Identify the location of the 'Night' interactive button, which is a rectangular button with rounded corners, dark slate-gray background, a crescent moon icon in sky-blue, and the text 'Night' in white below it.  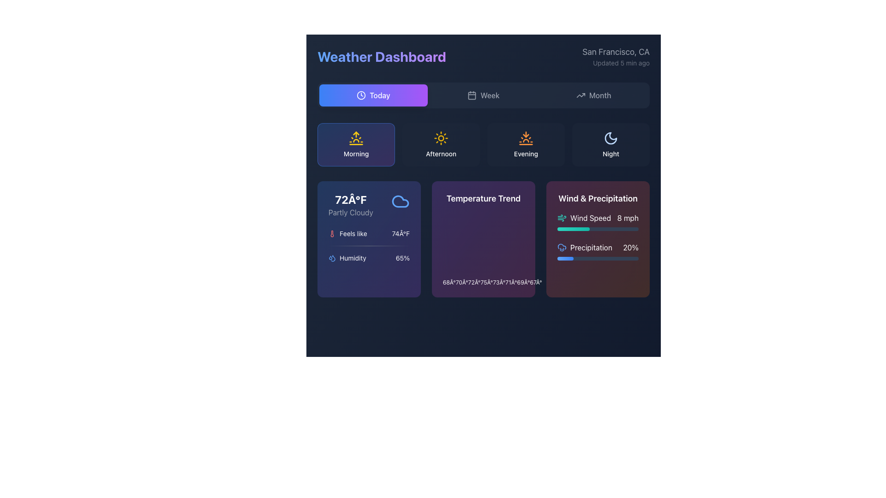
(611, 144).